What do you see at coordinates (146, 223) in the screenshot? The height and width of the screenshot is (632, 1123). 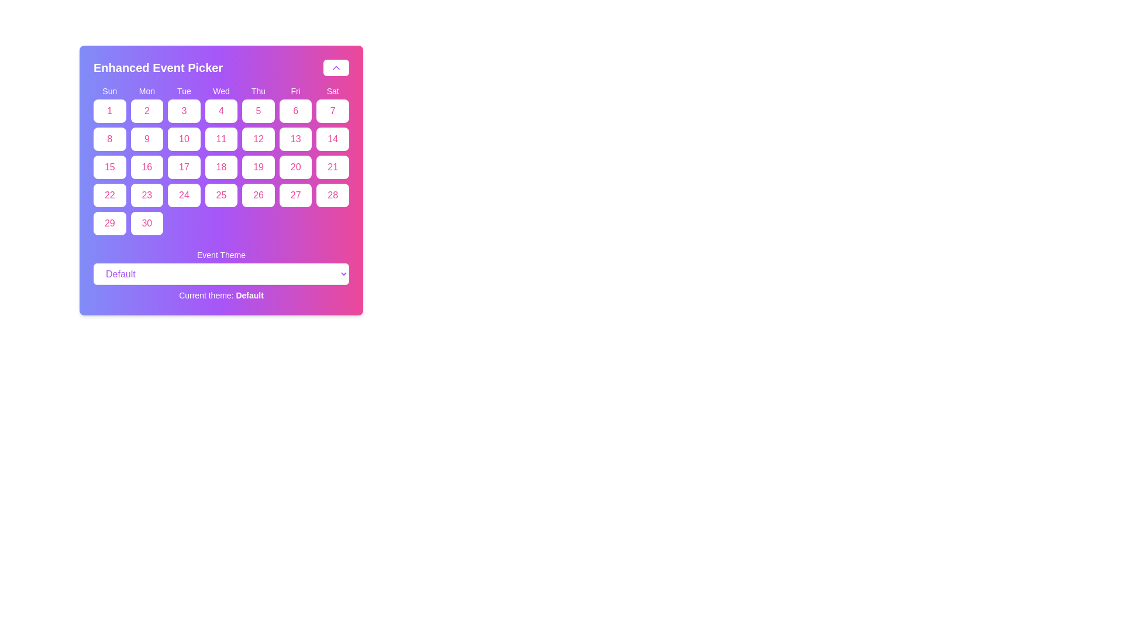 I see `the calendar date cell displaying '30' in pink color` at bounding box center [146, 223].